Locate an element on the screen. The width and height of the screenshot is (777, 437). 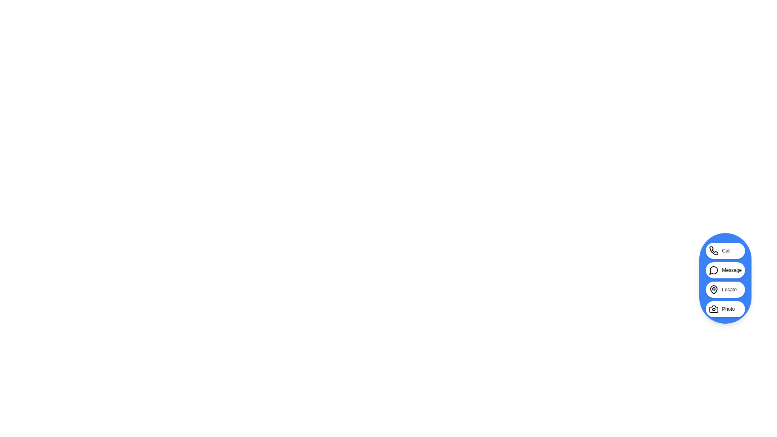
the 'Message' button is located at coordinates (725, 270).